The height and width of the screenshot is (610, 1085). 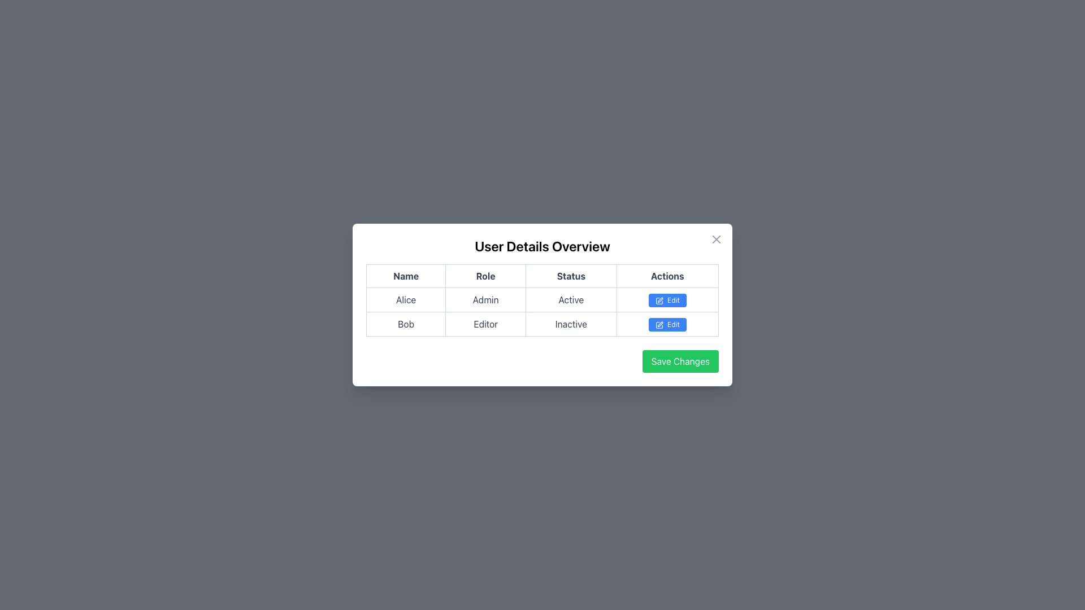 What do you see at coordinates (571, 299) in the screenshot?
I see `the text label displaying 'Active' in the 'Status' column of the 'User Details Overview' table for user 'Alice' to focus on the cell content` at bounding box center [571, 299].